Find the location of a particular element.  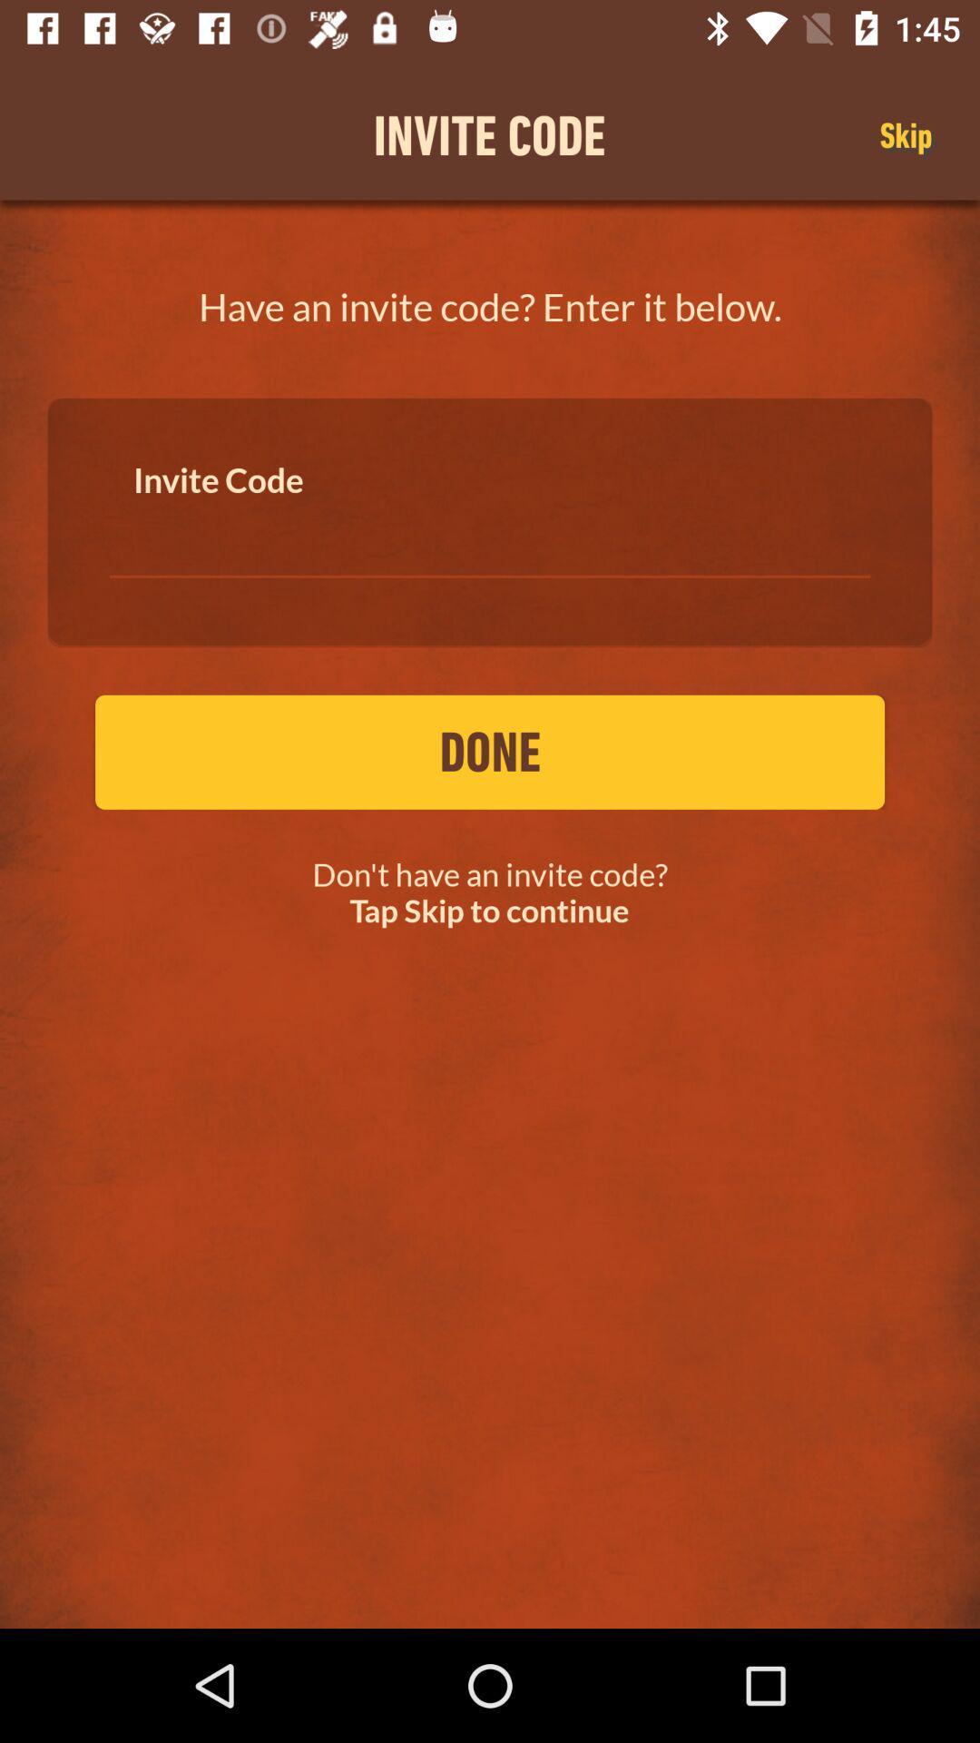

icon above the don t have icon is located at coordinates (490, 752).